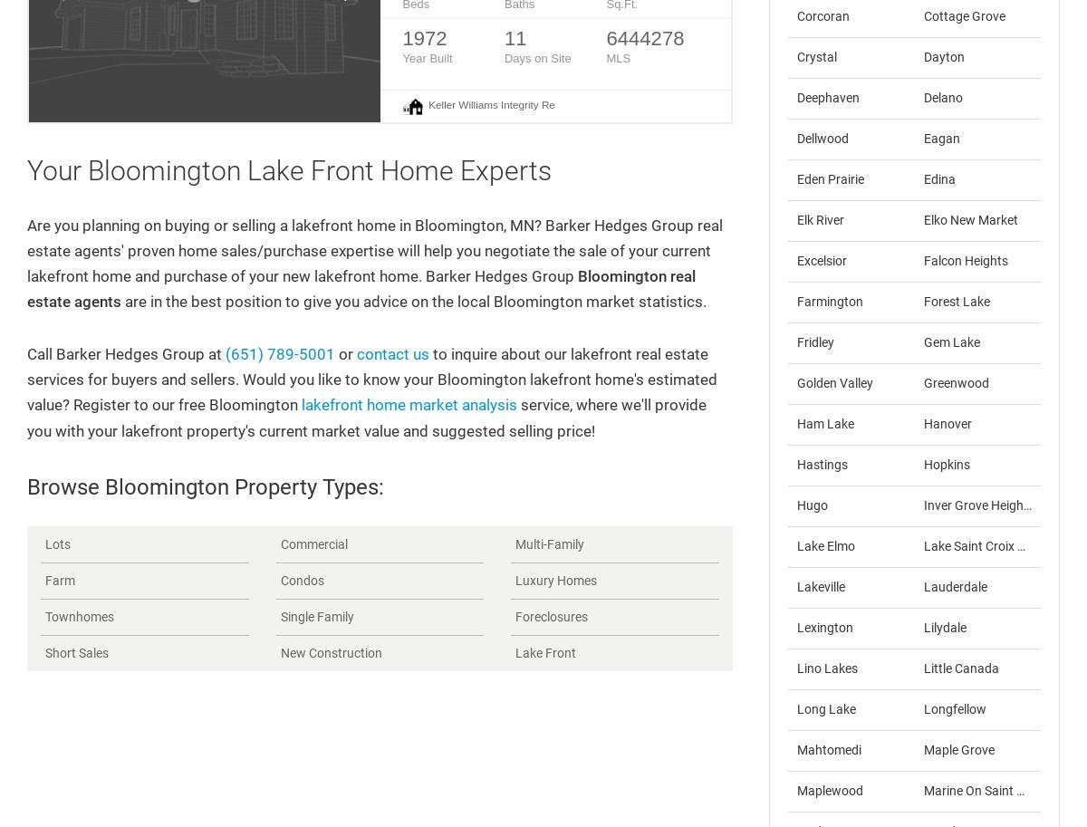 The width and height of the screenshot is (1087, 827). I want to click on 'Dayton', so click(943, 55).